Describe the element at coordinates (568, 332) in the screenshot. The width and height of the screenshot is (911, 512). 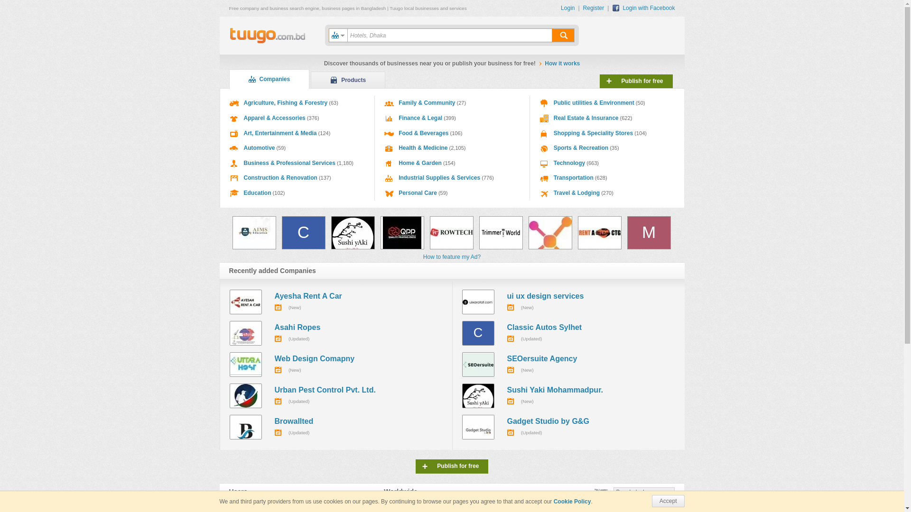
I see `'C` at that location.